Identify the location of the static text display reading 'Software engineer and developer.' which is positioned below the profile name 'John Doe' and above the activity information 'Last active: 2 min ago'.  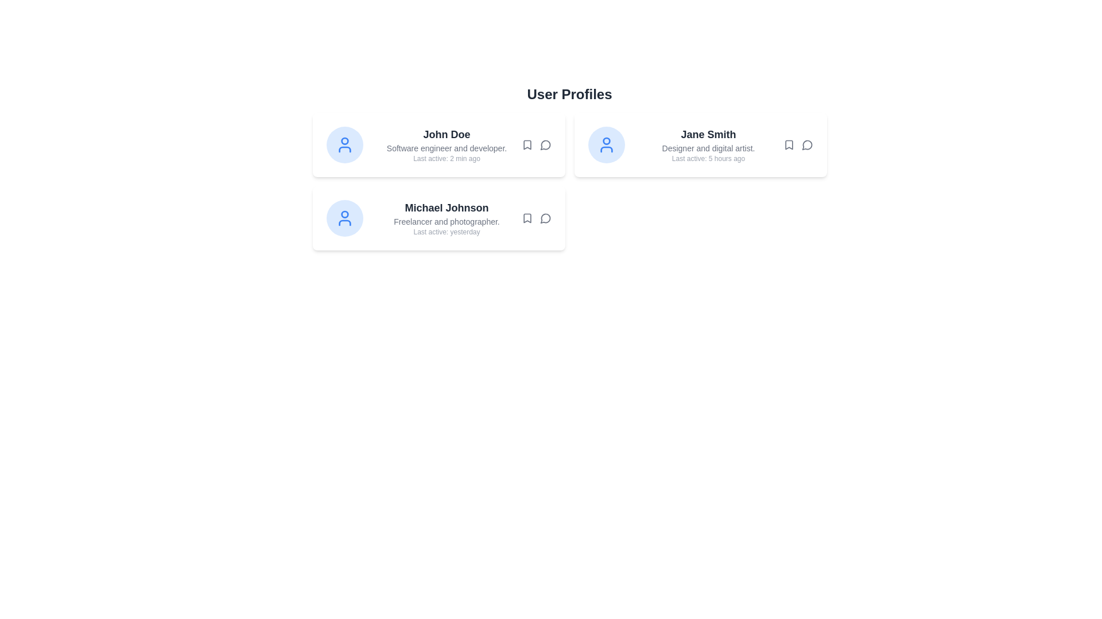
(446, 147).